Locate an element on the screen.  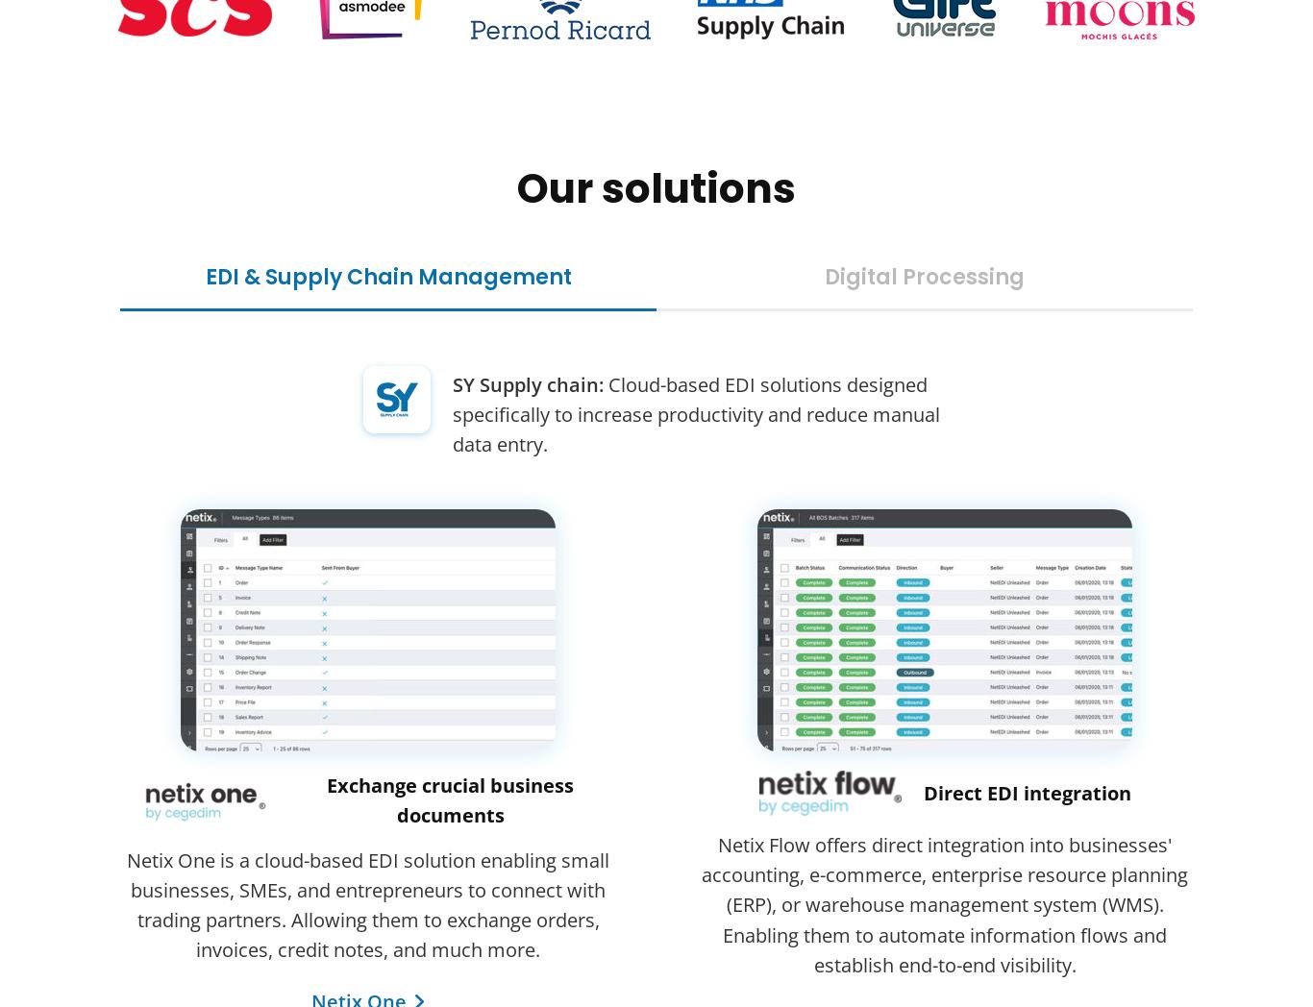
'What is EDI?' is located at coordinates (179, 656).